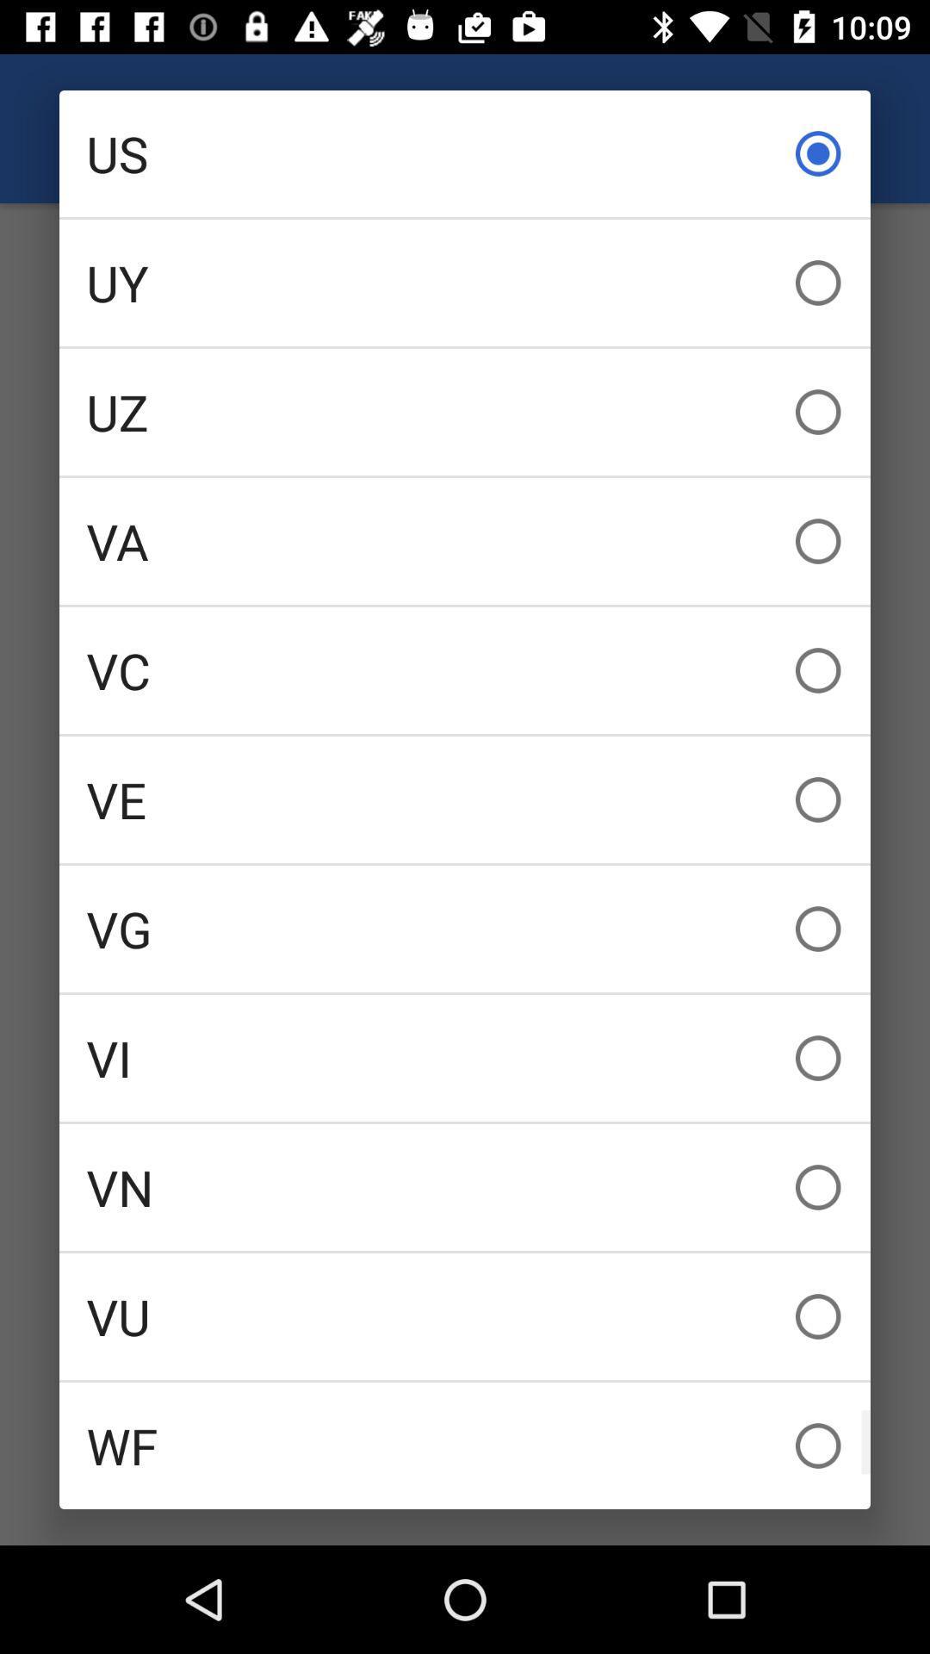 Image resolution: width=930 pixels, height=1654 pixels. Describe the element at coordinates (465, 540) in the screenshot. I see `the va icon` at that location.